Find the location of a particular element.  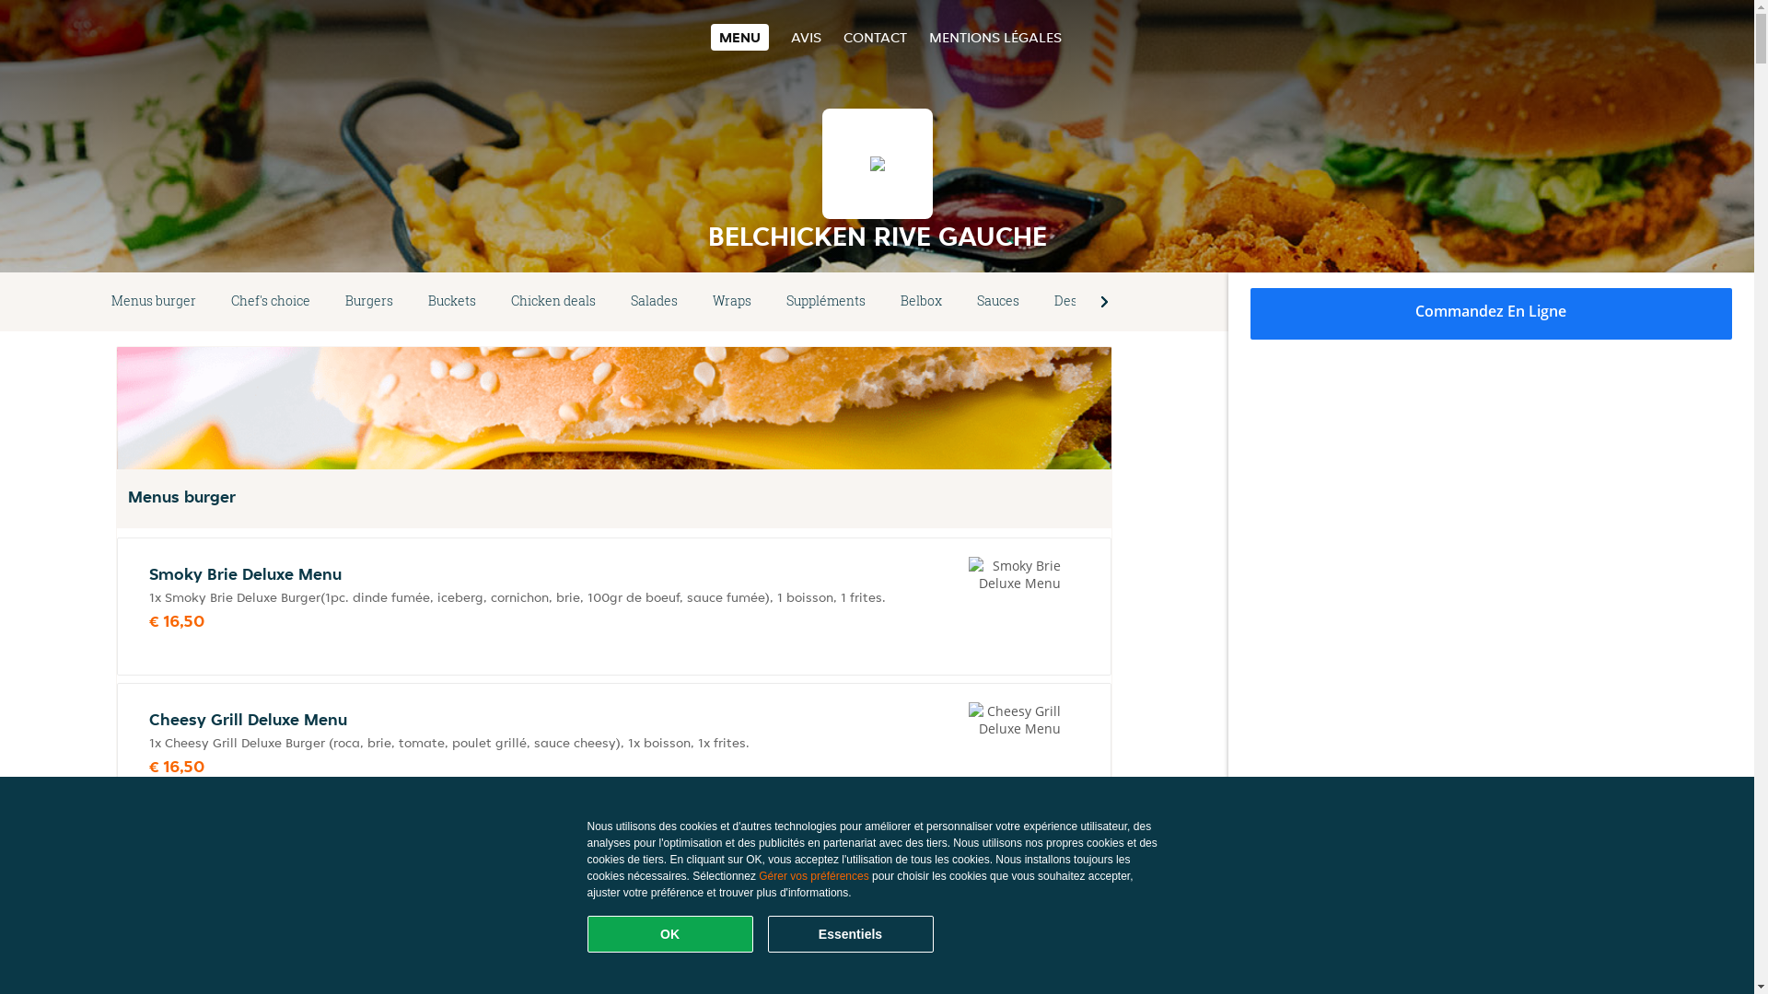

'Chef's choice' is located at coordinates (269, 300).